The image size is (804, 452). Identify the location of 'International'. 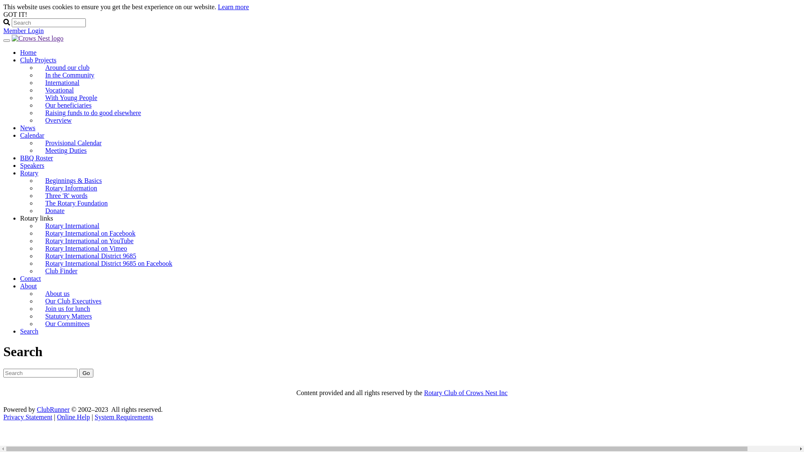
(62, 82).